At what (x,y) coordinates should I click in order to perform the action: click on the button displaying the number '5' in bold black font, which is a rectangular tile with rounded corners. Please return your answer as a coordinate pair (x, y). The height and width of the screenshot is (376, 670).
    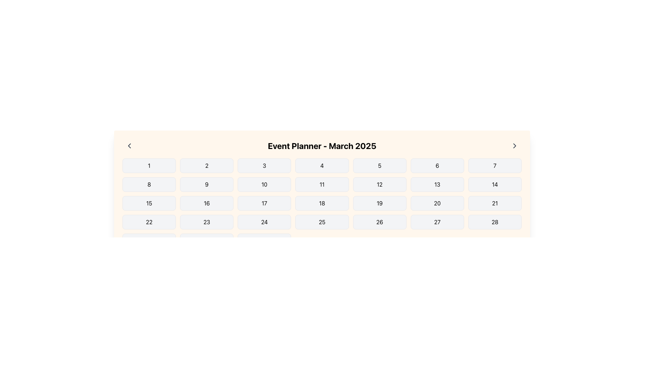
    Looking at the image, I should click on (379, 165).